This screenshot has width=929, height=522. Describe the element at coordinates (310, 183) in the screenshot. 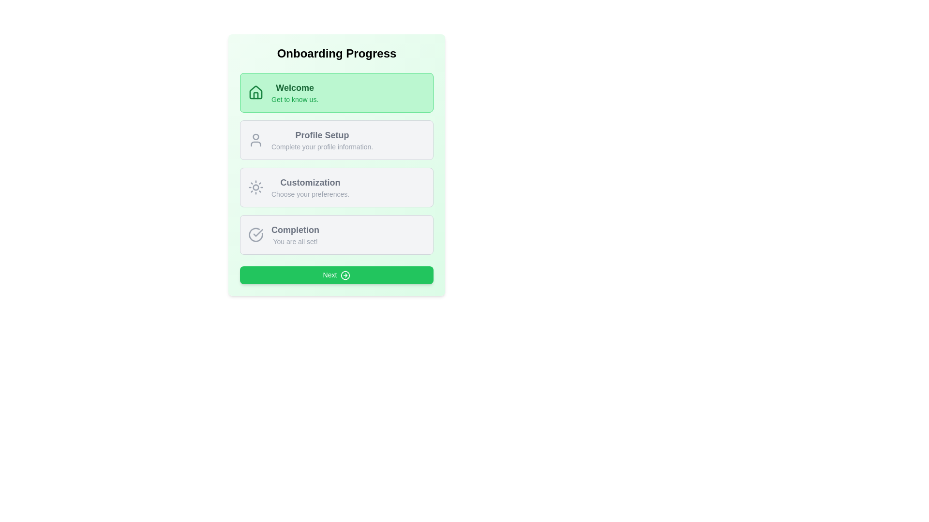

I see `the Text Label that serves as the heading for the 'Customization' step in the onboarding process, located centrally within its card-like module` at that location.